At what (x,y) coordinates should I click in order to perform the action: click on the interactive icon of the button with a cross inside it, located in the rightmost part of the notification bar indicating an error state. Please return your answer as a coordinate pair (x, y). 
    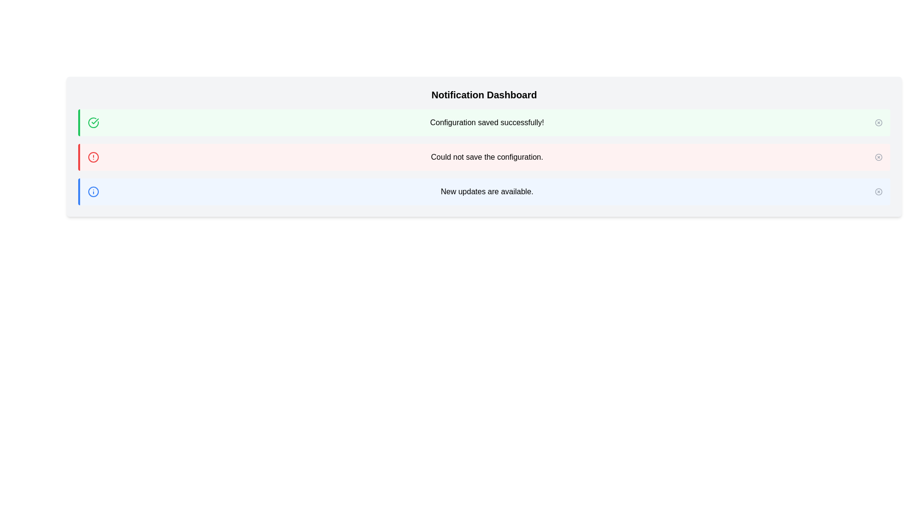
    Looking at the image, I should click on (879, 156).